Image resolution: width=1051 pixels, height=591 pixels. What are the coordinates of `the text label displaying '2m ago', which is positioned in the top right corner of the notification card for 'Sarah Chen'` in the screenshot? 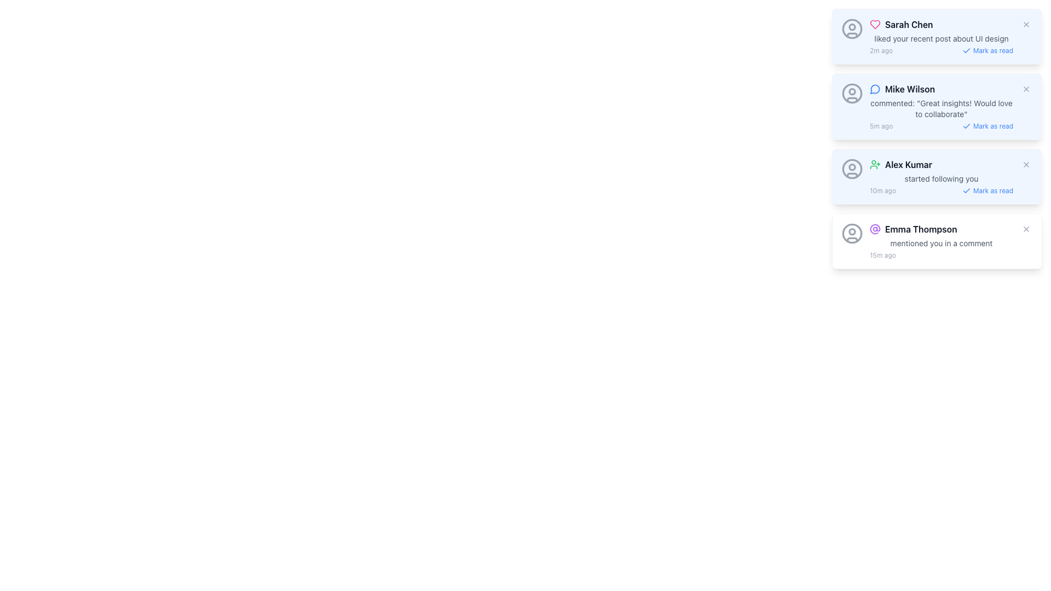 It's located at (881, 50).